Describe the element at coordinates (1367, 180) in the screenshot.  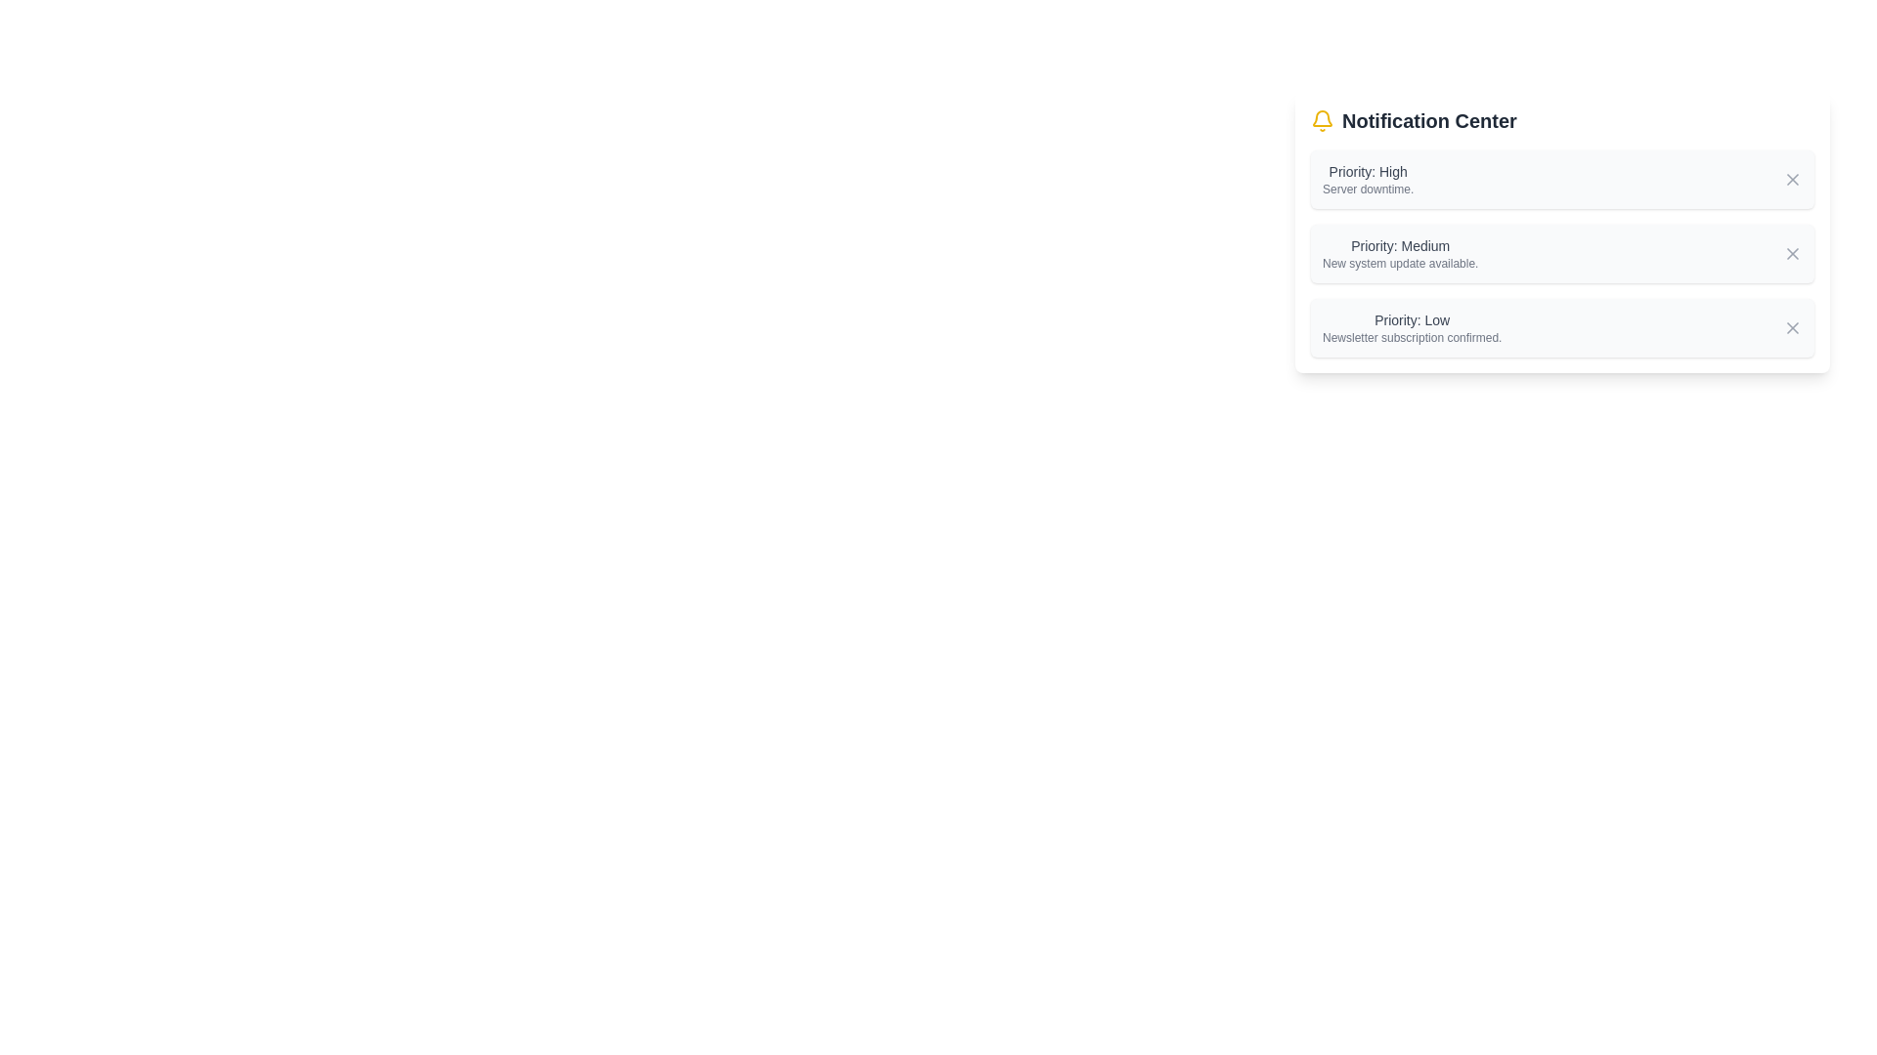
I see `the notification with priority High` at that location.